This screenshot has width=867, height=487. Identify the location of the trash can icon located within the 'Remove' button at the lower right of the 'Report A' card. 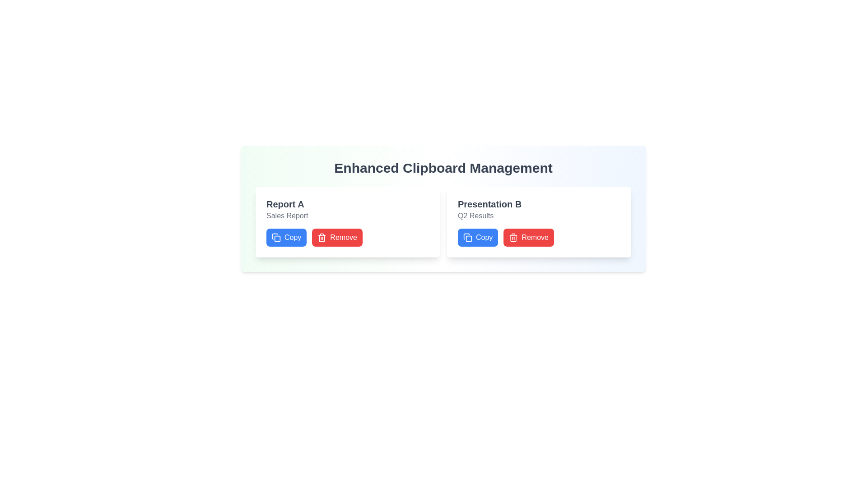
(322, 237).